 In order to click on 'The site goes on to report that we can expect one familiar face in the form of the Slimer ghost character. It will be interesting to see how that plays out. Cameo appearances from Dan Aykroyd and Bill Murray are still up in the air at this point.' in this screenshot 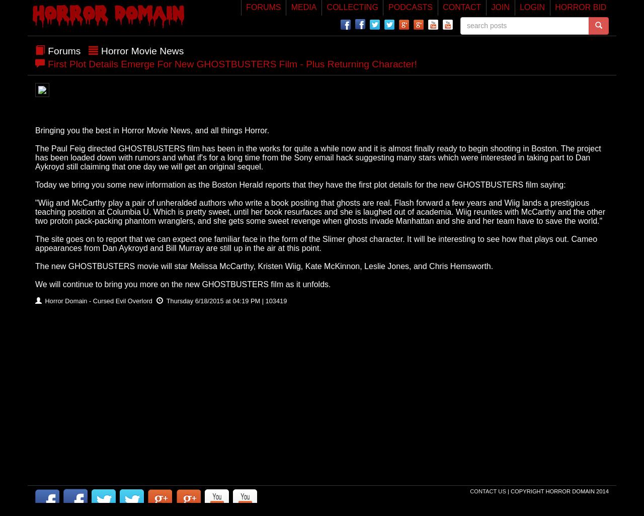, I will do `click(315, 242)`.